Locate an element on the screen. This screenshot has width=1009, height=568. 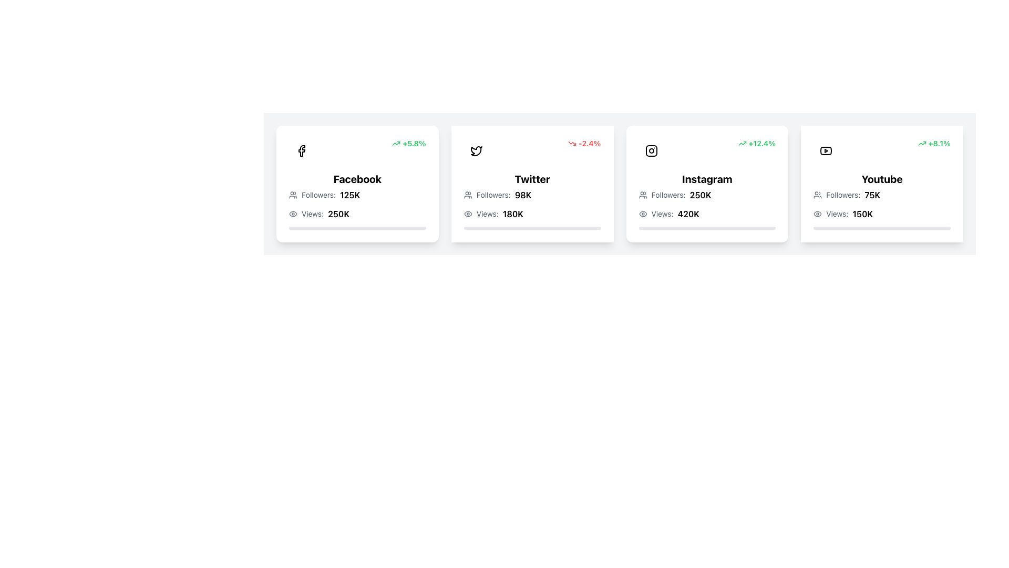
the small icon resembling two abstracted human figures, which is located to the left of the 'Followers: 75K' text in the 'Youtube' card is located at coordinates (817, 195).